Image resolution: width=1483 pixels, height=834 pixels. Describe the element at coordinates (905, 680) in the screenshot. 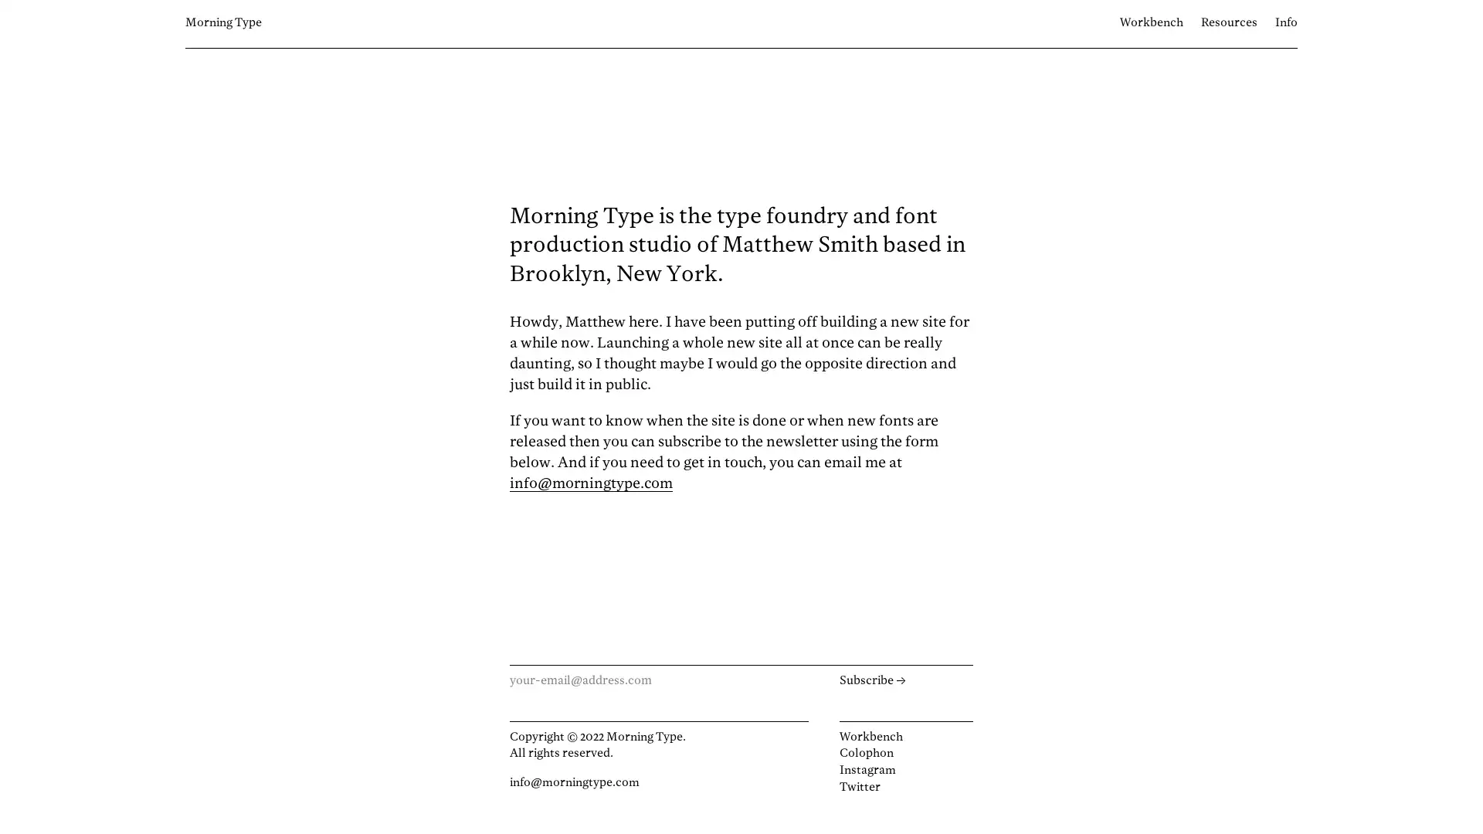

I see `Subscribe` at that location.